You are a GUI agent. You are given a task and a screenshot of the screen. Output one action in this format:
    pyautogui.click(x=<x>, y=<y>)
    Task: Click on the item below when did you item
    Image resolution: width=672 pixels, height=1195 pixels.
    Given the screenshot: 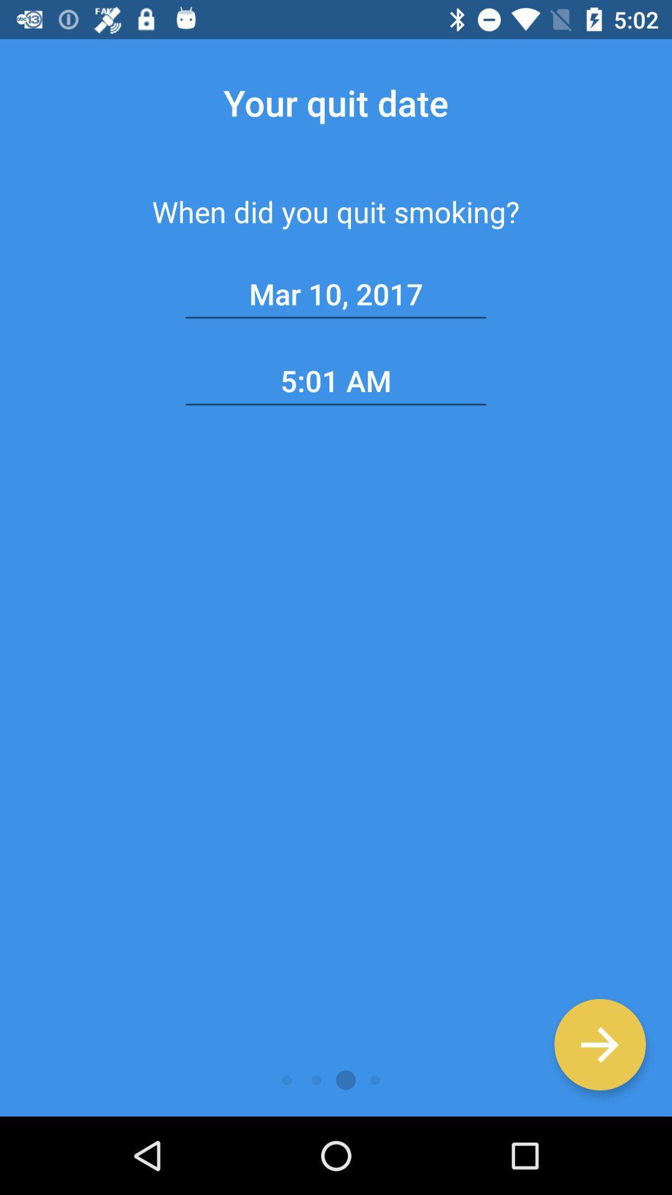 What is the action you would take?
    pyautogui.click(x=599, y=1044)
    